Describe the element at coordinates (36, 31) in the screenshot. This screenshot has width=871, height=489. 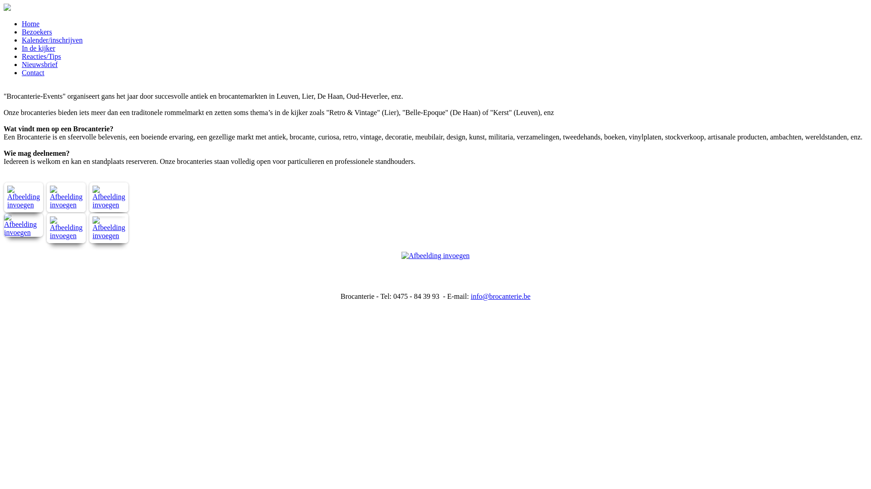
I see `'Bezoekers'` at that location.